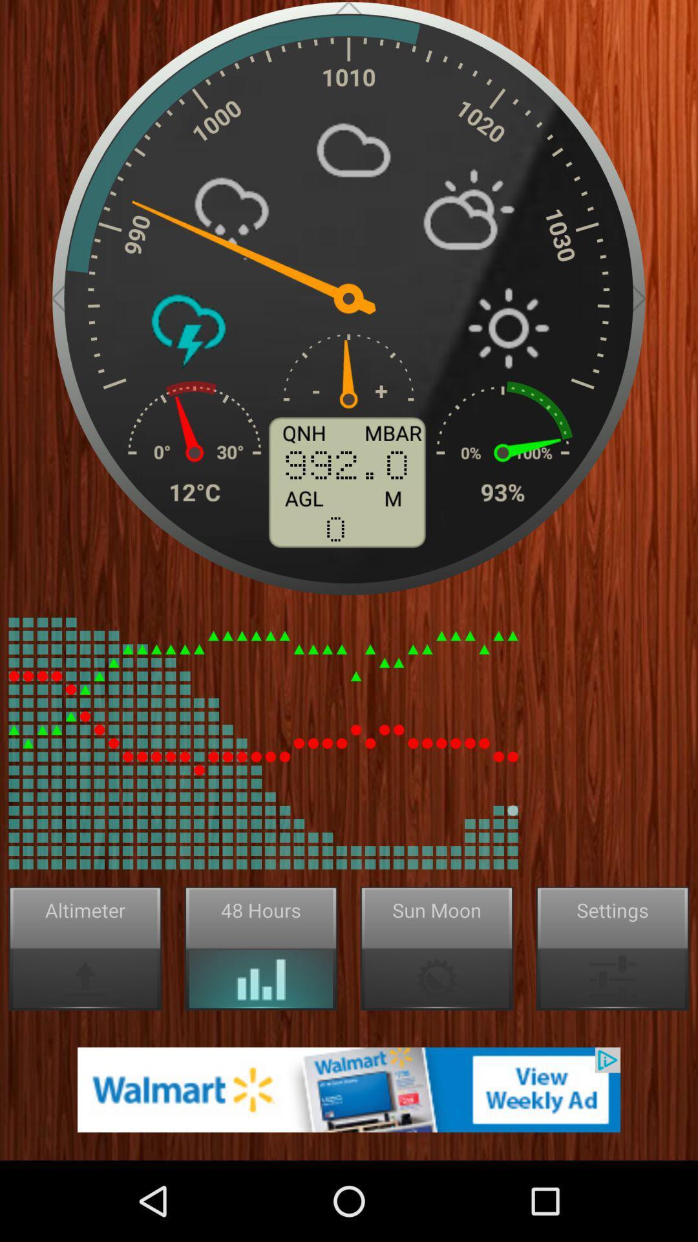 The width and height of the screenshot is (698, 1242). What do you see at coordinates (349, 1089) in the screenshot?
I see `advertisement page` at bounding box center [349, 1089].